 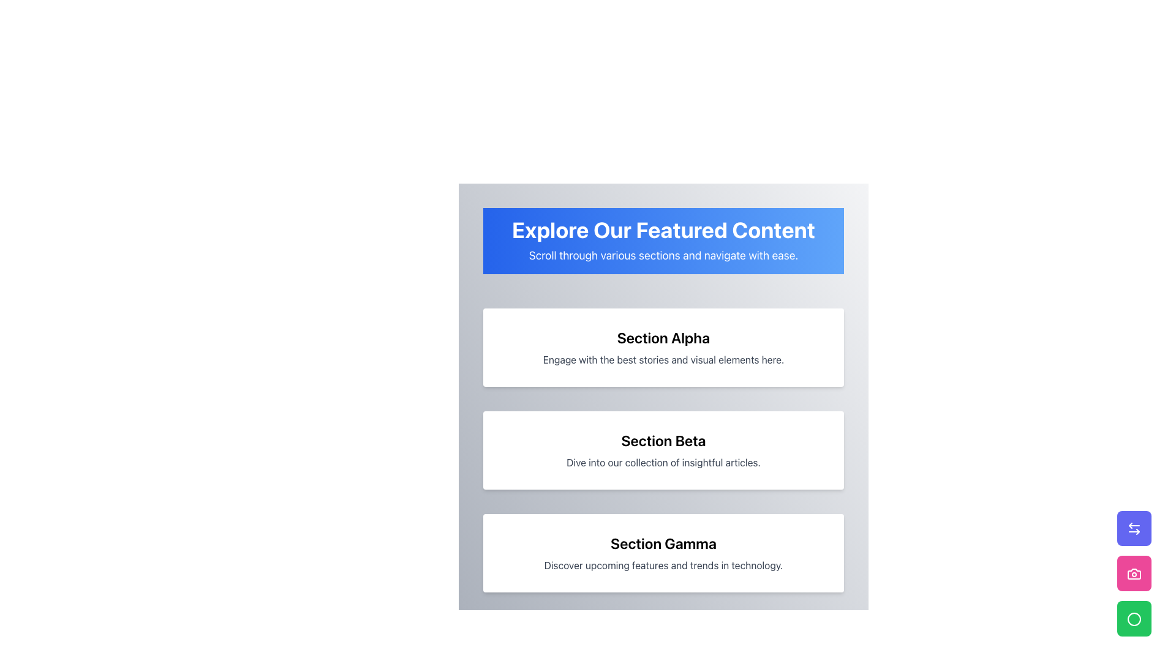 I want to click on subtitle text 'Dive into our collection of insightful articles.' located beneath the title 'Section Beta', so click(x=663, y=463).